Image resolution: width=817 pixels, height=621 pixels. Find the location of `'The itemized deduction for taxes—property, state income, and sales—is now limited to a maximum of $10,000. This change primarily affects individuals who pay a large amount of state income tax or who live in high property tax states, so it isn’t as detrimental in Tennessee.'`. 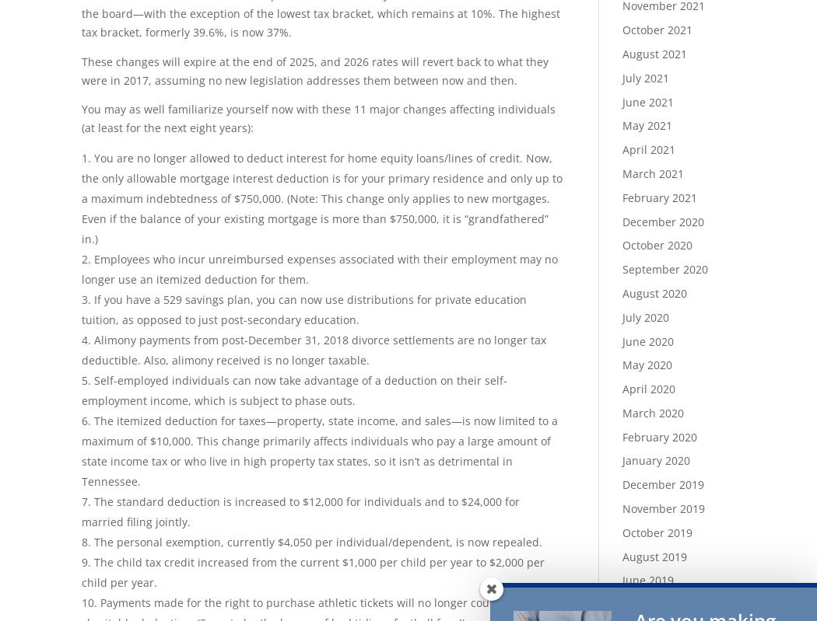

'The itemized deduction for taxes—property, state income, and sales—is now limited to a maximum of $10,000. This change primarily affects individuals who pay a large amount of state income tax or who live in high property tax states, so it isn’t as detrimental in Tennessee.' is located at coordinates (82, 450).